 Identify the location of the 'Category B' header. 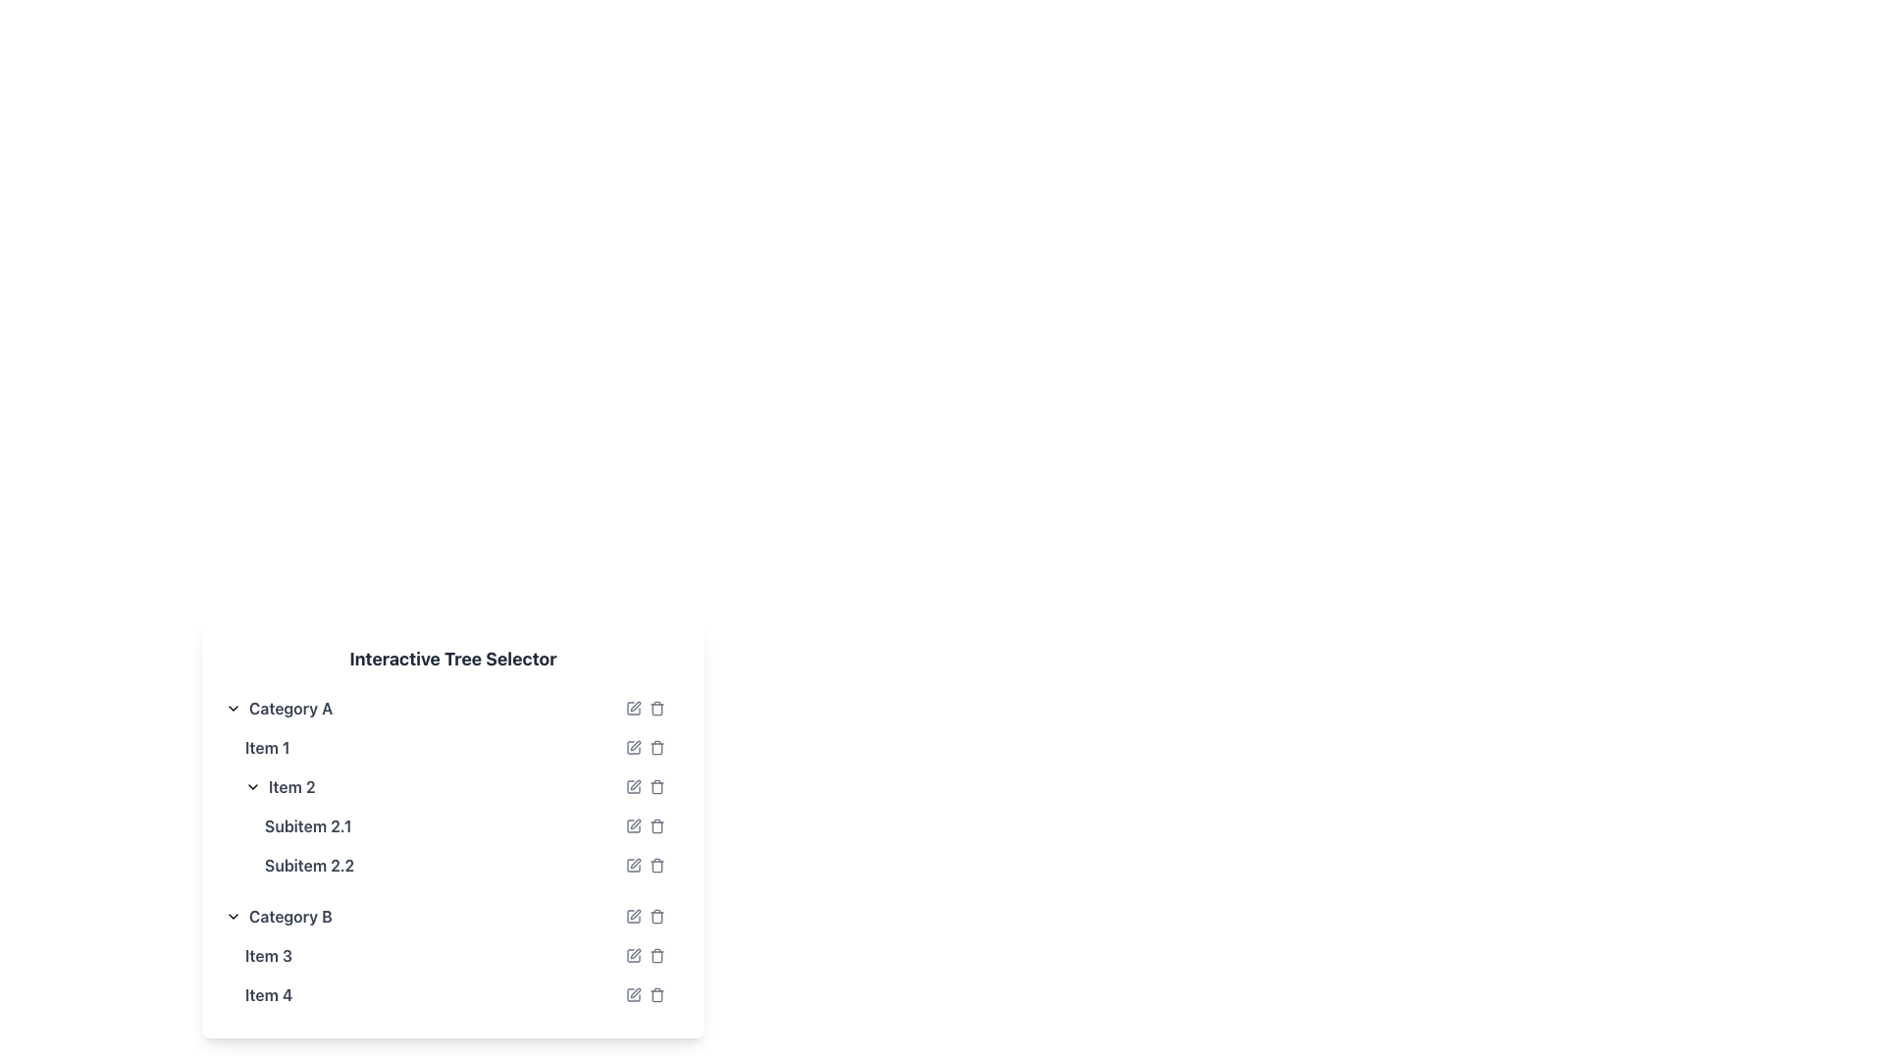
(278, 916).